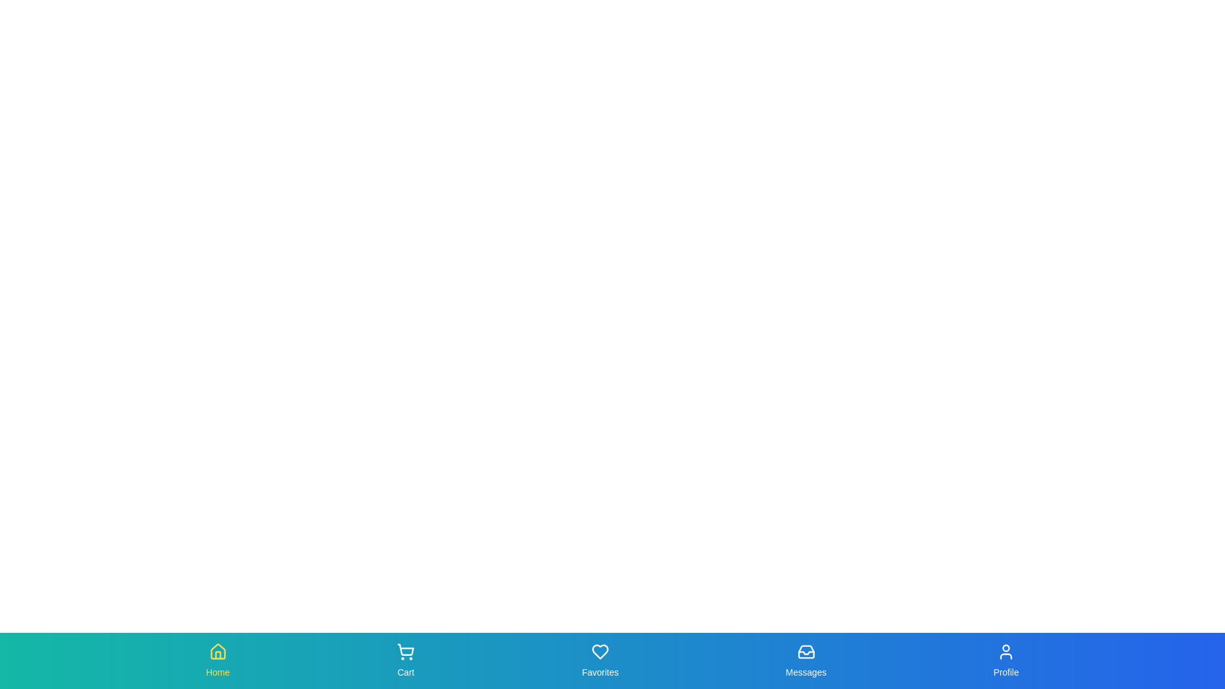 The height and width of the screenshot is (689, 1225). I want to click on the Profile tab in the bottom navigation bar, so click(1006, 660).